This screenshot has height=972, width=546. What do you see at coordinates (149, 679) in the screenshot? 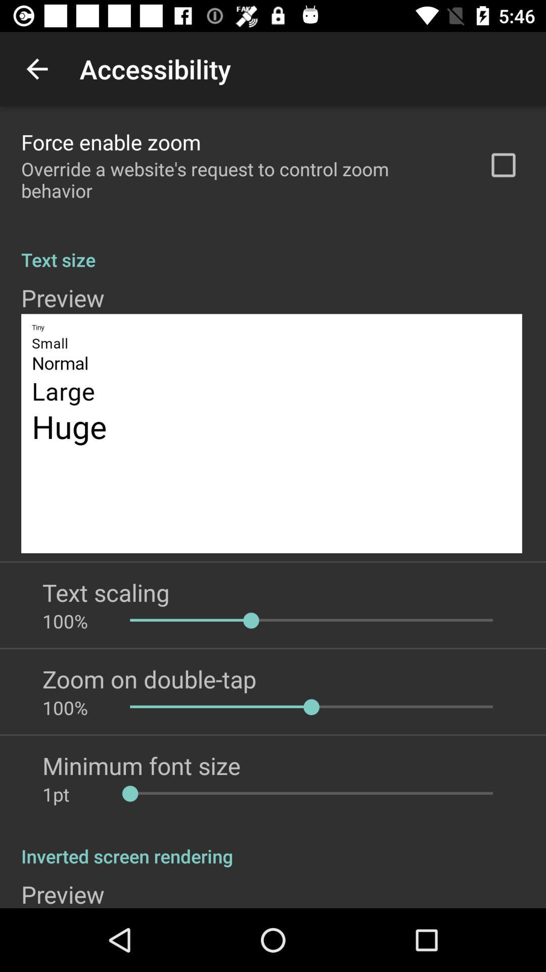
I see `the zoom on double` at bounding box center [149, 679].